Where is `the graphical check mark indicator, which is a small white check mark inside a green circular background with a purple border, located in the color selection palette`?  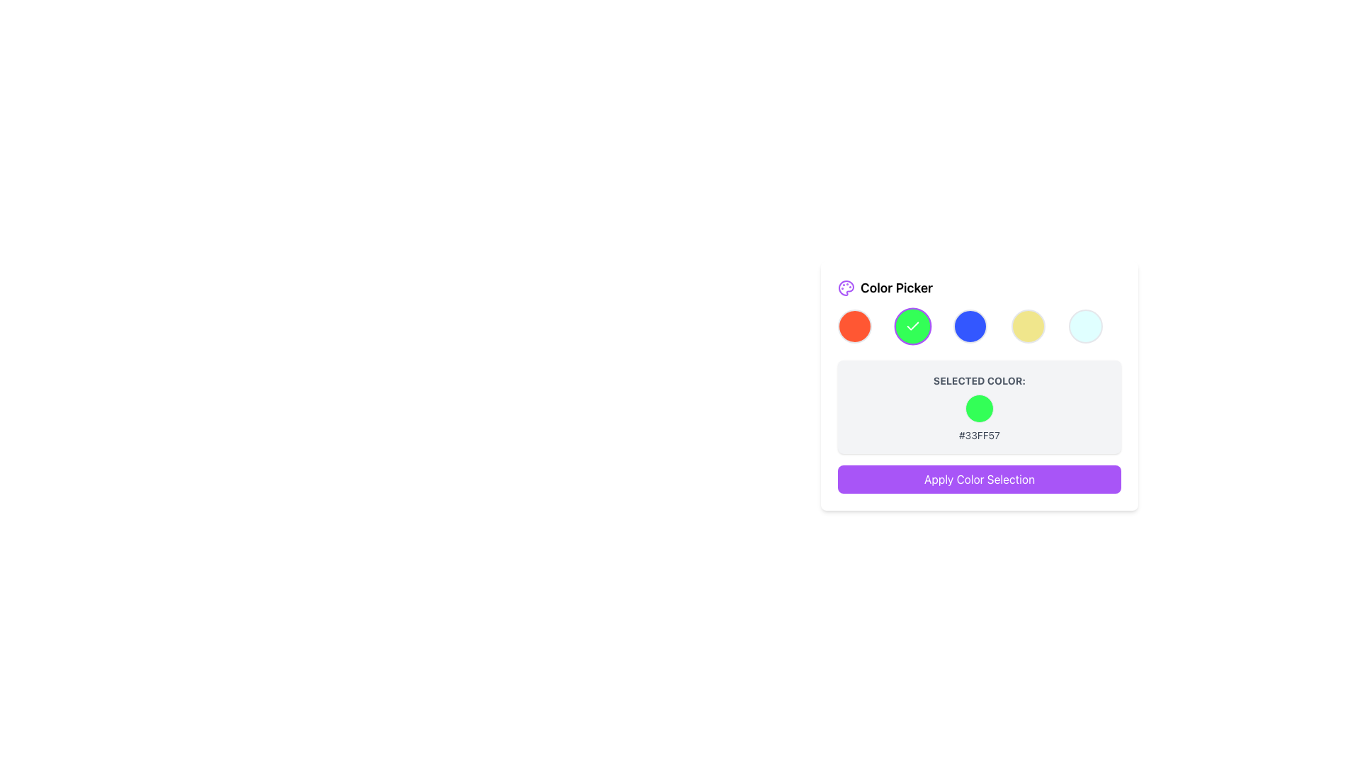
the graphical check mark indicator, which is a small white check mark inside a green circular background with a purple border, located in the color selection palette is located at coordinates (912, 326).